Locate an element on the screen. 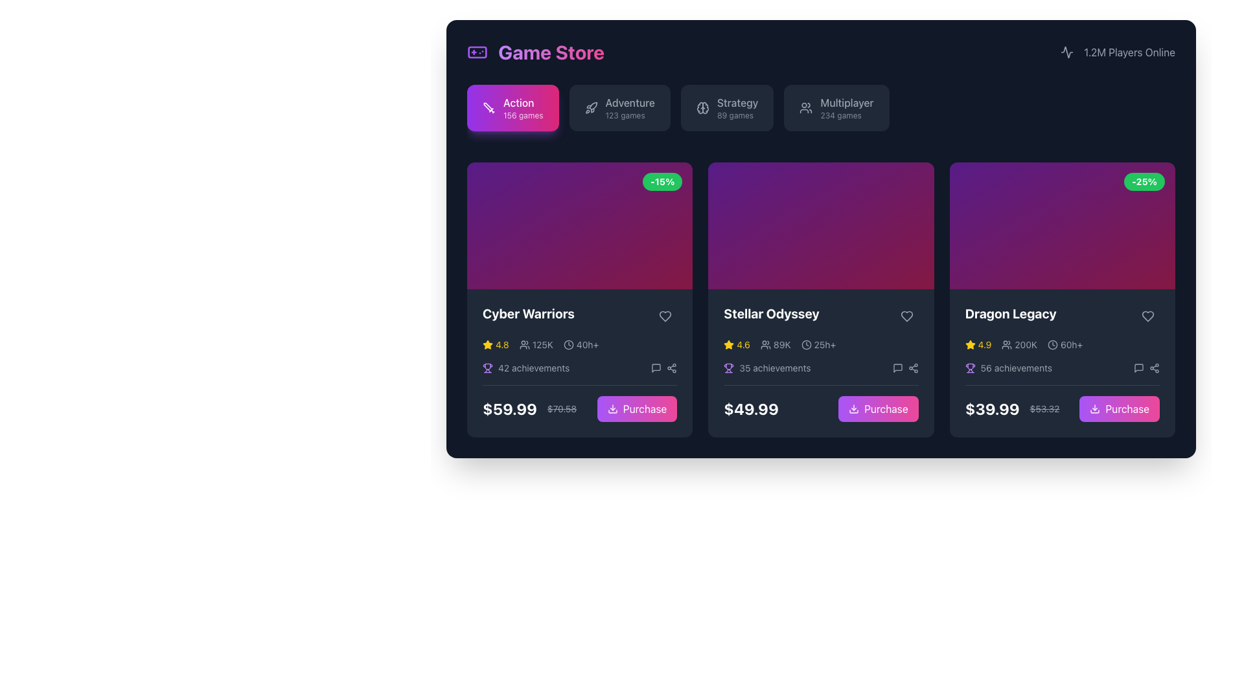  the 'Adventure' games label located at the top center of the navigation bar, which is positioned above the '123 games' label is located at coordinates (630, 102).